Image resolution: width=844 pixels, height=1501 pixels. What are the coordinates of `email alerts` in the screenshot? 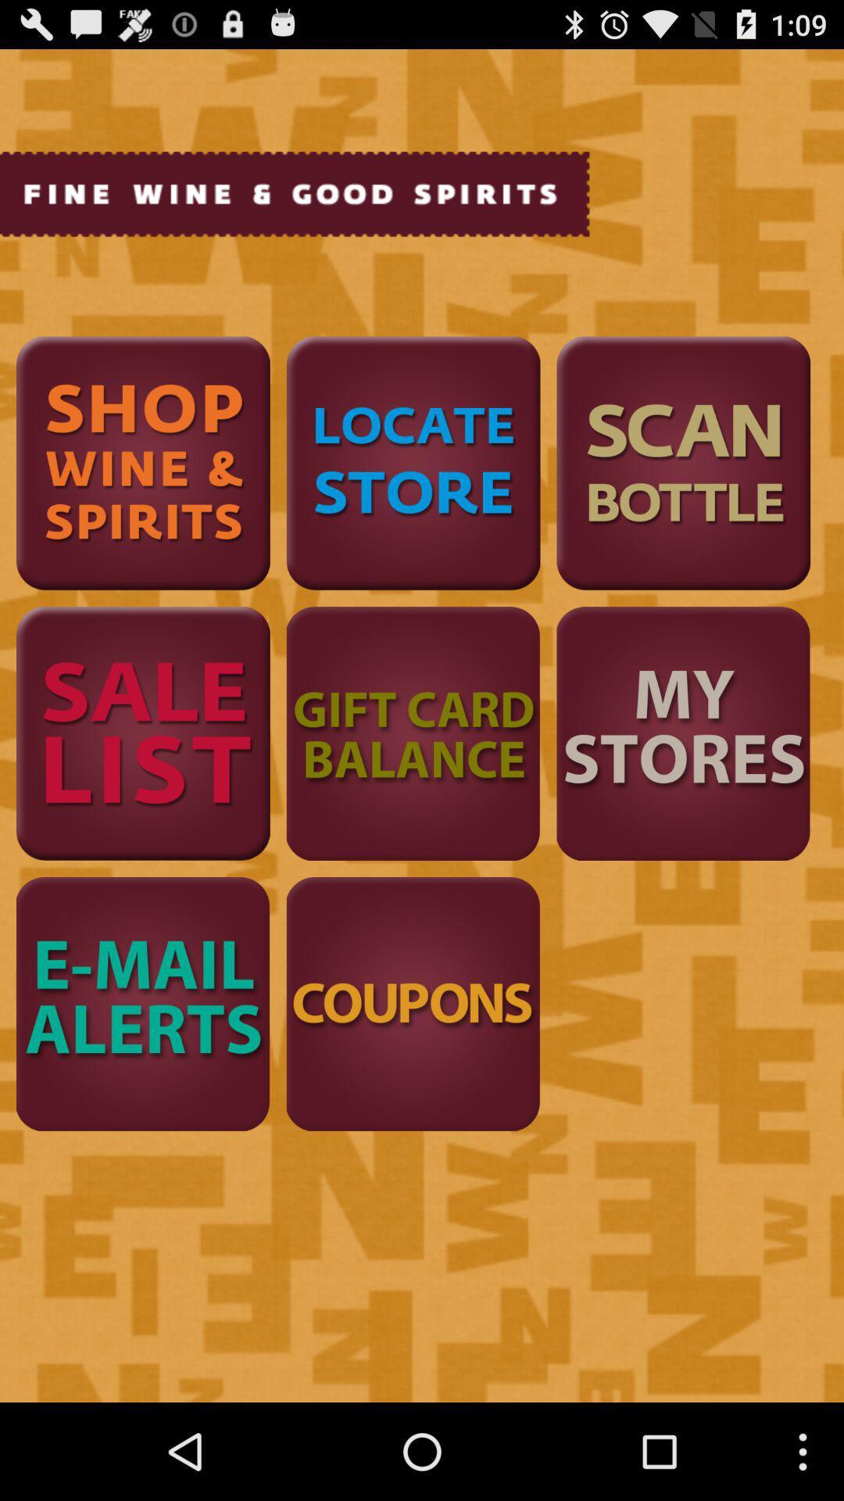 It's located at (143, 1004).